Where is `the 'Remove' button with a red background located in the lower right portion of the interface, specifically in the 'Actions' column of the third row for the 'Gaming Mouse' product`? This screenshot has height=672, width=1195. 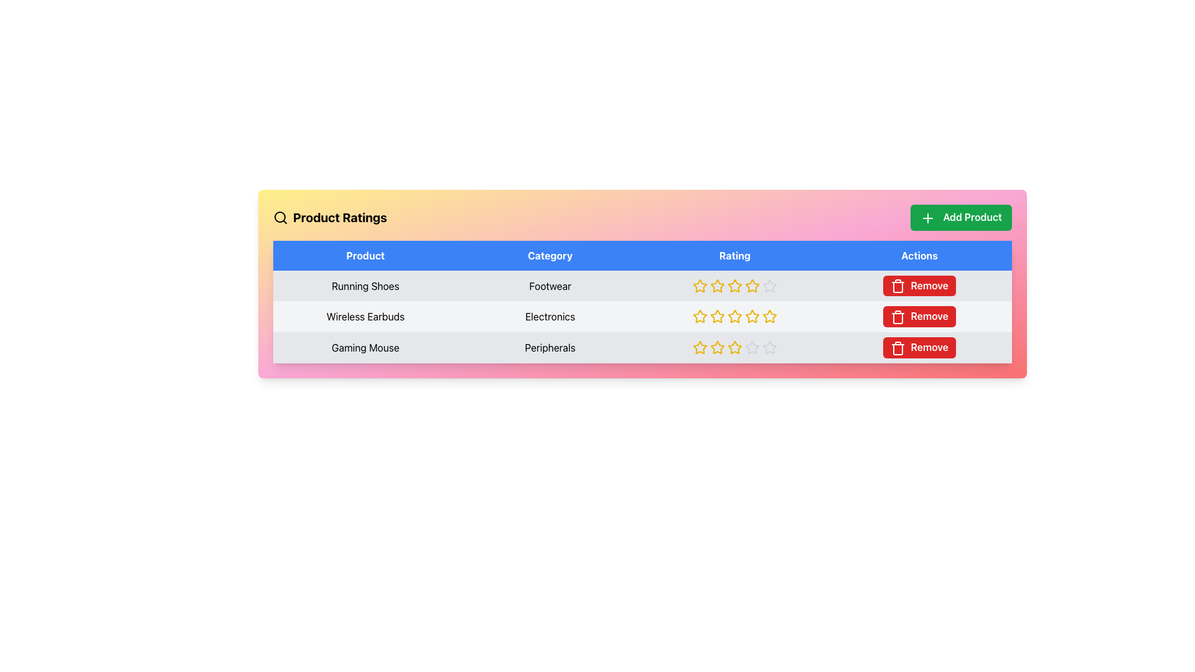 the 'Remove' button with a red background located in the lower right portion of the interface, specifically in the 'Actions' column of the third row for the 'Gaming Mouse' product is located at coordinates (919, 348).